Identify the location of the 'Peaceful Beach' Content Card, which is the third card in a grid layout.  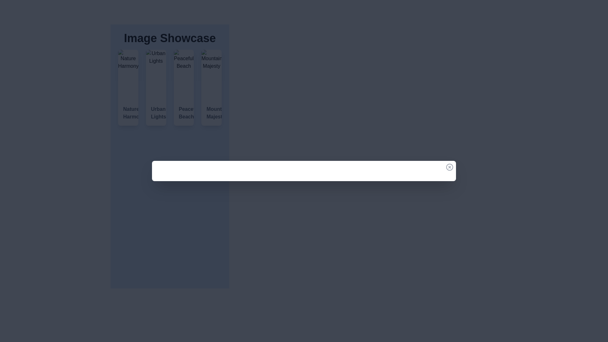
(183, 88).